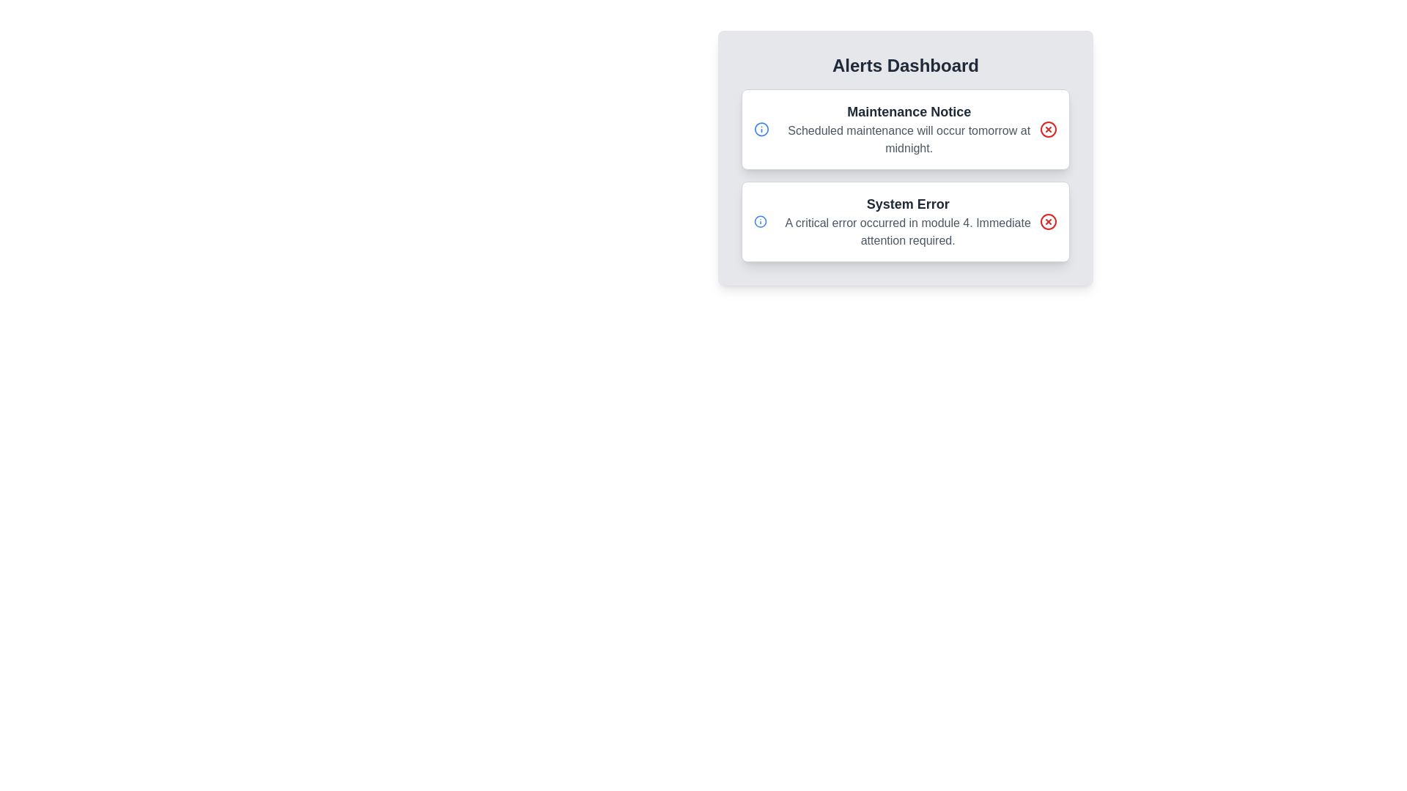  What do you see at coordinates (908, 111) in the screenshot?
I see `the Text Label that serves as the title for the notification card in the 'Alerts Dashboard' section, which summarizes the content of the notification below it` at bounding box center [908, 111].